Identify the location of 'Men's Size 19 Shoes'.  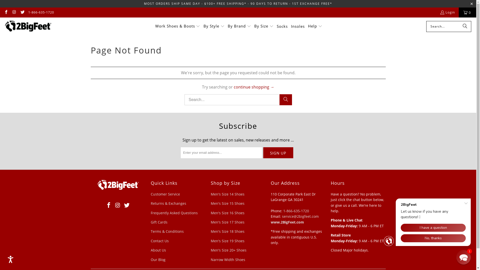
(227, 240).